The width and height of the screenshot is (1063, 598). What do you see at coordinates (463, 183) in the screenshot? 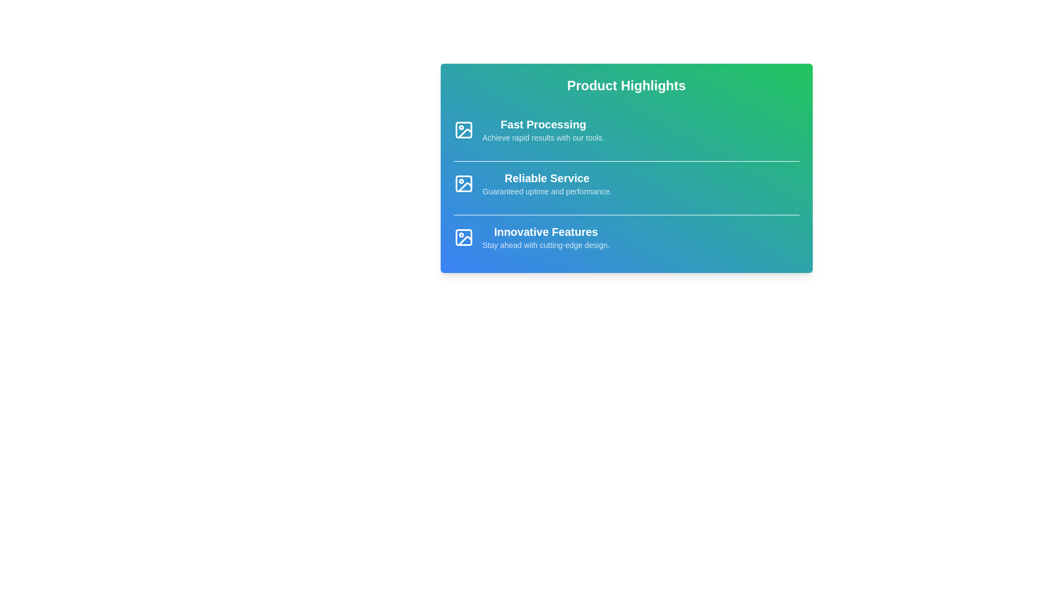
I see `the decorative rectangle within the SVG icon that represents an image placeholder, aligned with the text 'Reliable Service'` at bounding box center [463, 183].